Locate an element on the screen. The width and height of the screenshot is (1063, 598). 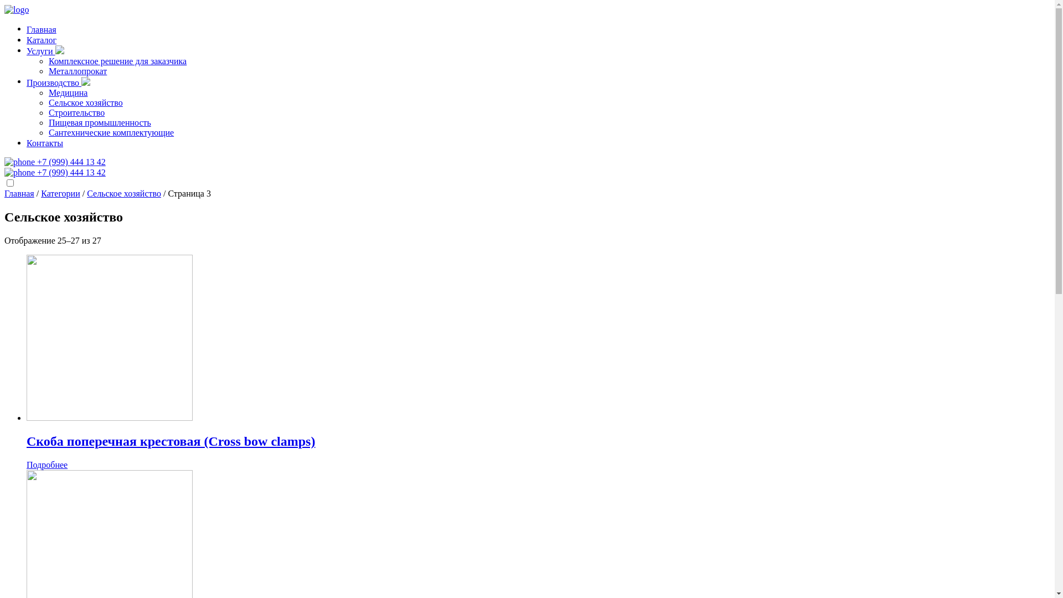
'+7 (999) 444 13 42' is located at coordinates (57, 170).